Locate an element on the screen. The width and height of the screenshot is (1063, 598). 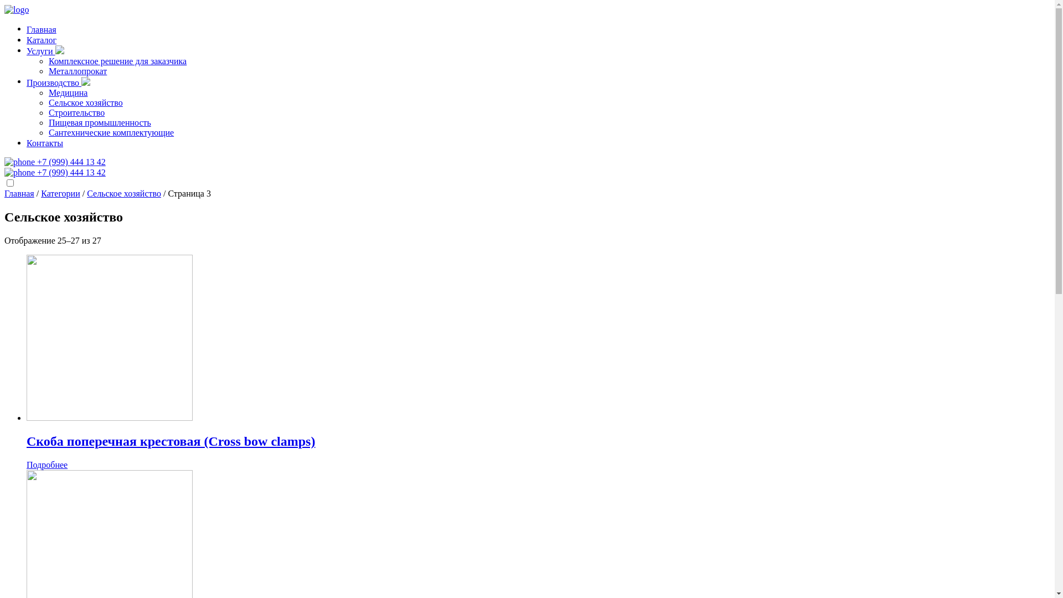
'+7 (999) 444 13 42' is located at coordinates (57, 170).